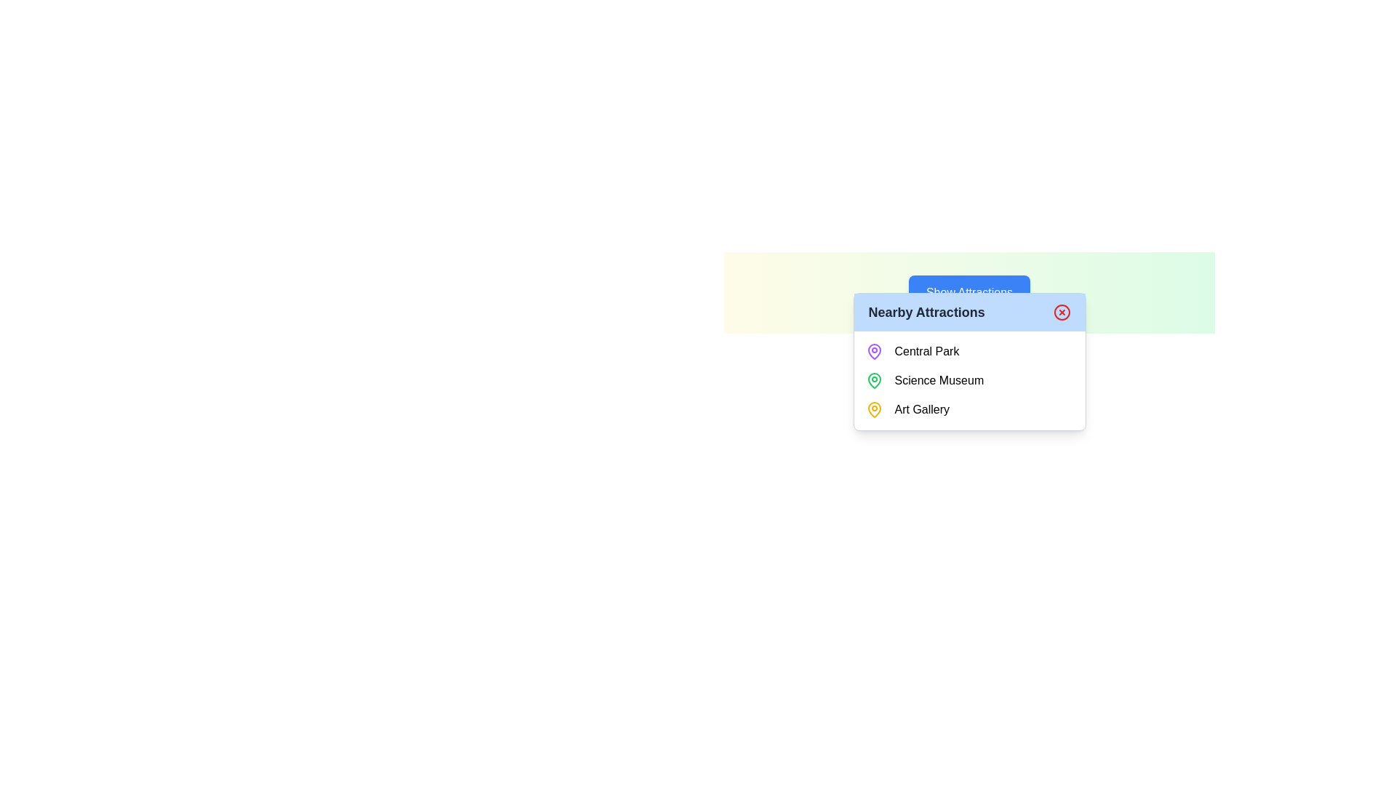 This screenshot has height=785, width=1396. I want to click on the 'Central Park' entry in the 'Nearby Attractions' list, so click(969, 351).